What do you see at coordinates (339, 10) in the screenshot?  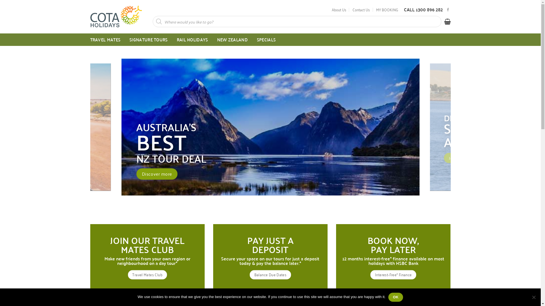 I see `'About Us'` at bounding box center [339, 10].